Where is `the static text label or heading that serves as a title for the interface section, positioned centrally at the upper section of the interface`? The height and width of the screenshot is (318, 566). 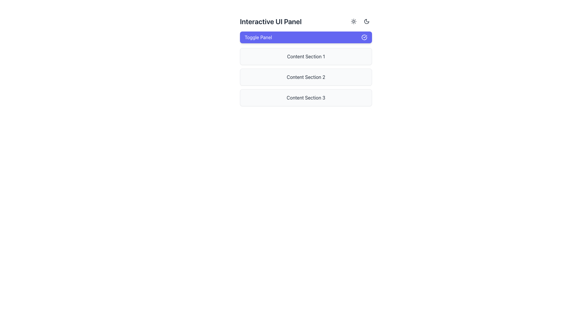
the static text label or heading that serves as a title for the interface section, positioned centrally at the upper section of the interface is located at coordinates (270, 21).